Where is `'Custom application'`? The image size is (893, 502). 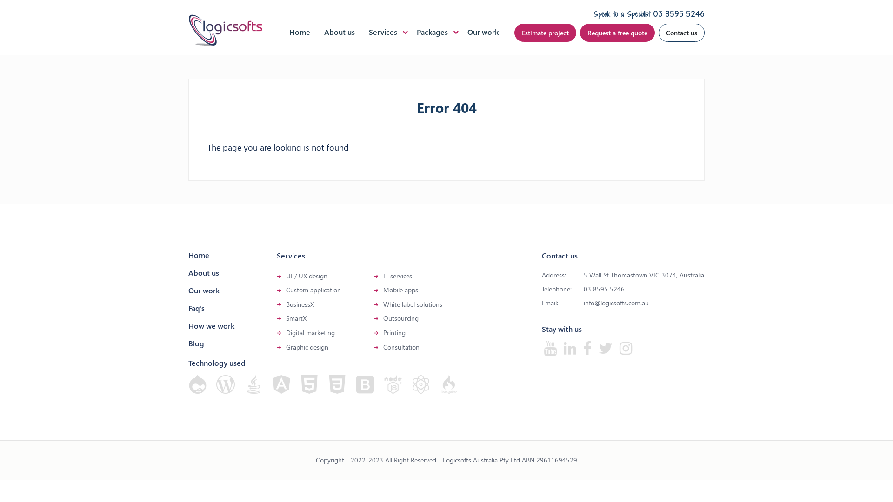 'Custom application' is located at coordinates (313, 289).